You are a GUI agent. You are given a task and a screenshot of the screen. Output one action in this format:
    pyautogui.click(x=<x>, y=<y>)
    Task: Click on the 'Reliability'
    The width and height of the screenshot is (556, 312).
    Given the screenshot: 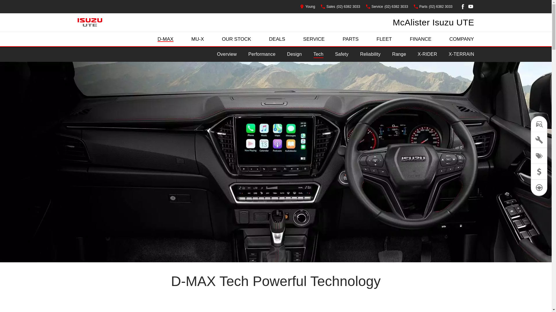 What is the action you would take?
    pyautogui.click(x=357, y=54)
    